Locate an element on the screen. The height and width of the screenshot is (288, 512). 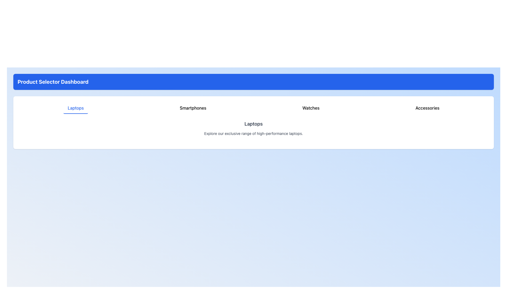
the 'Laptops' text label, which indicates the type of products presented in the associated section, positioned above the related content is located at coordinates (253, 124).